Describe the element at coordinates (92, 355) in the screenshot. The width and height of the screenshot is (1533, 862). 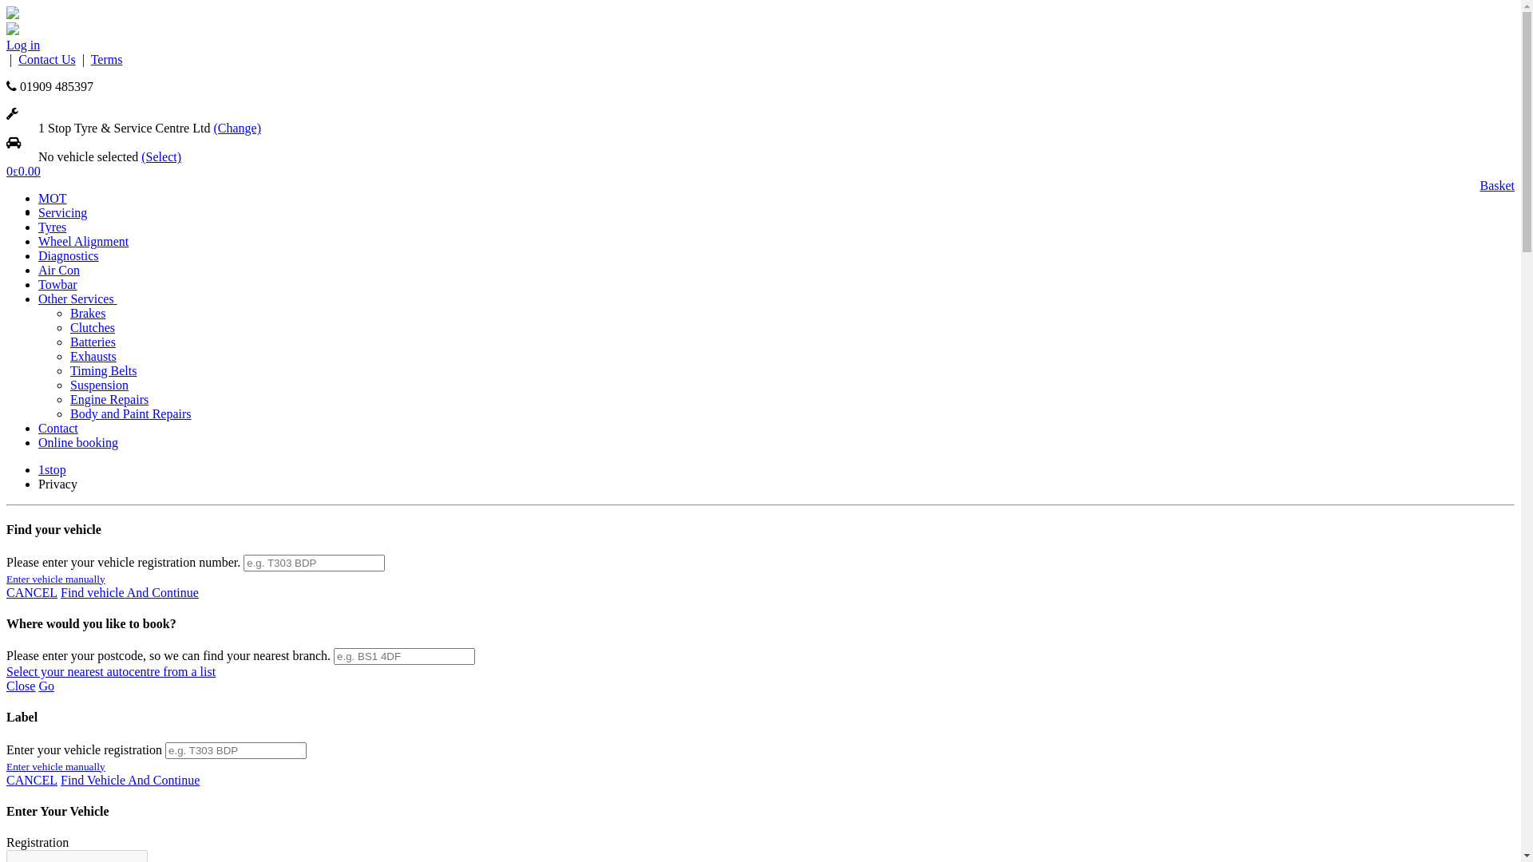
I see `'Exhausts'` at that location.